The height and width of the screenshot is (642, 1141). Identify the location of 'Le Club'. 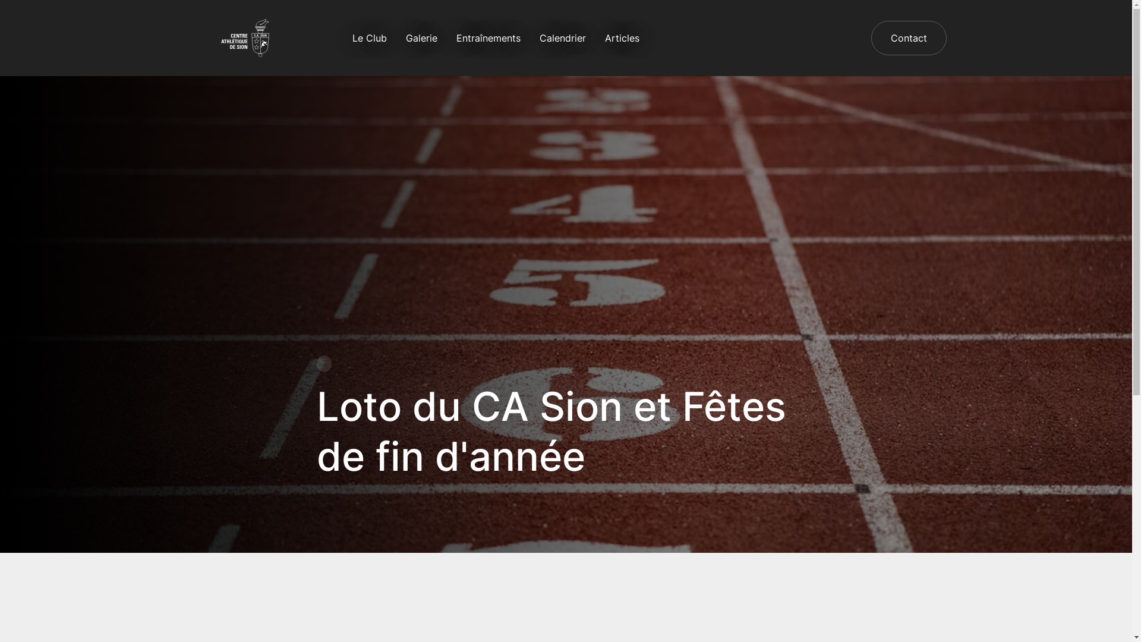
(368, 37).